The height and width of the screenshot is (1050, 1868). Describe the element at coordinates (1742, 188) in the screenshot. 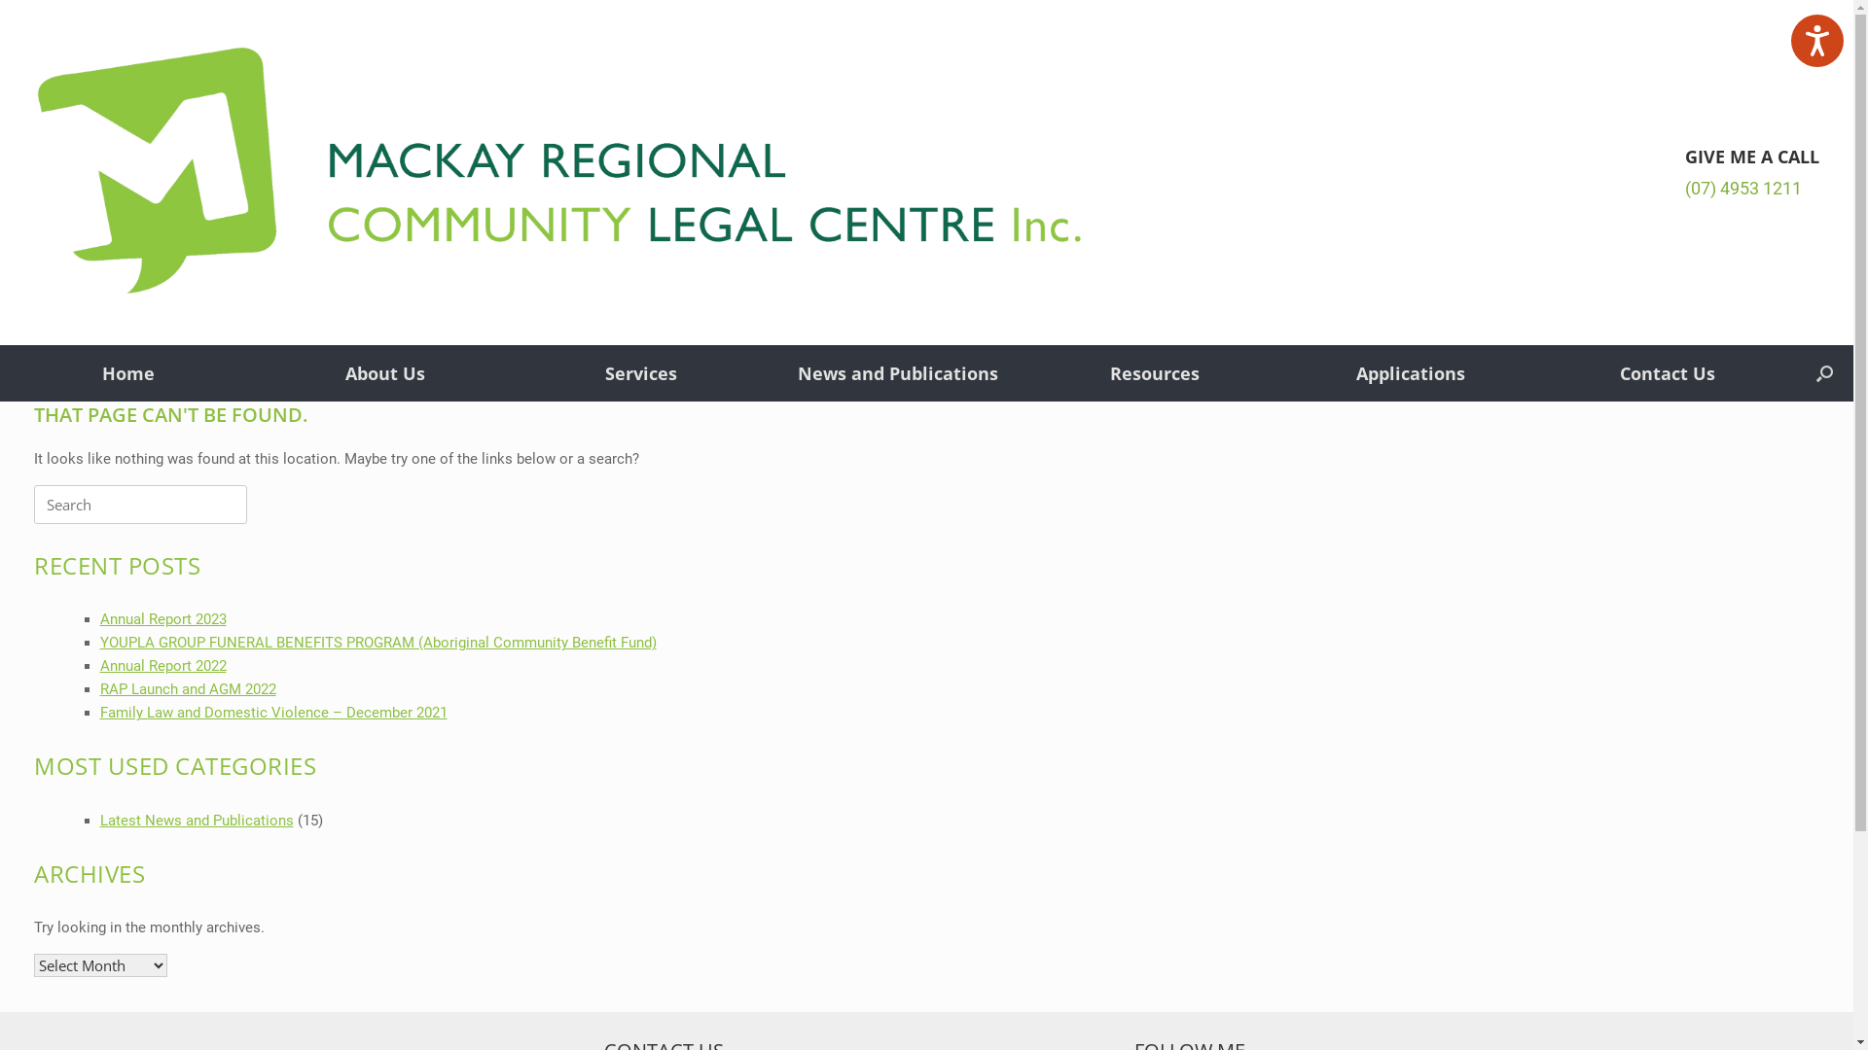

I see `'(07) 4953 1211'` at that location.